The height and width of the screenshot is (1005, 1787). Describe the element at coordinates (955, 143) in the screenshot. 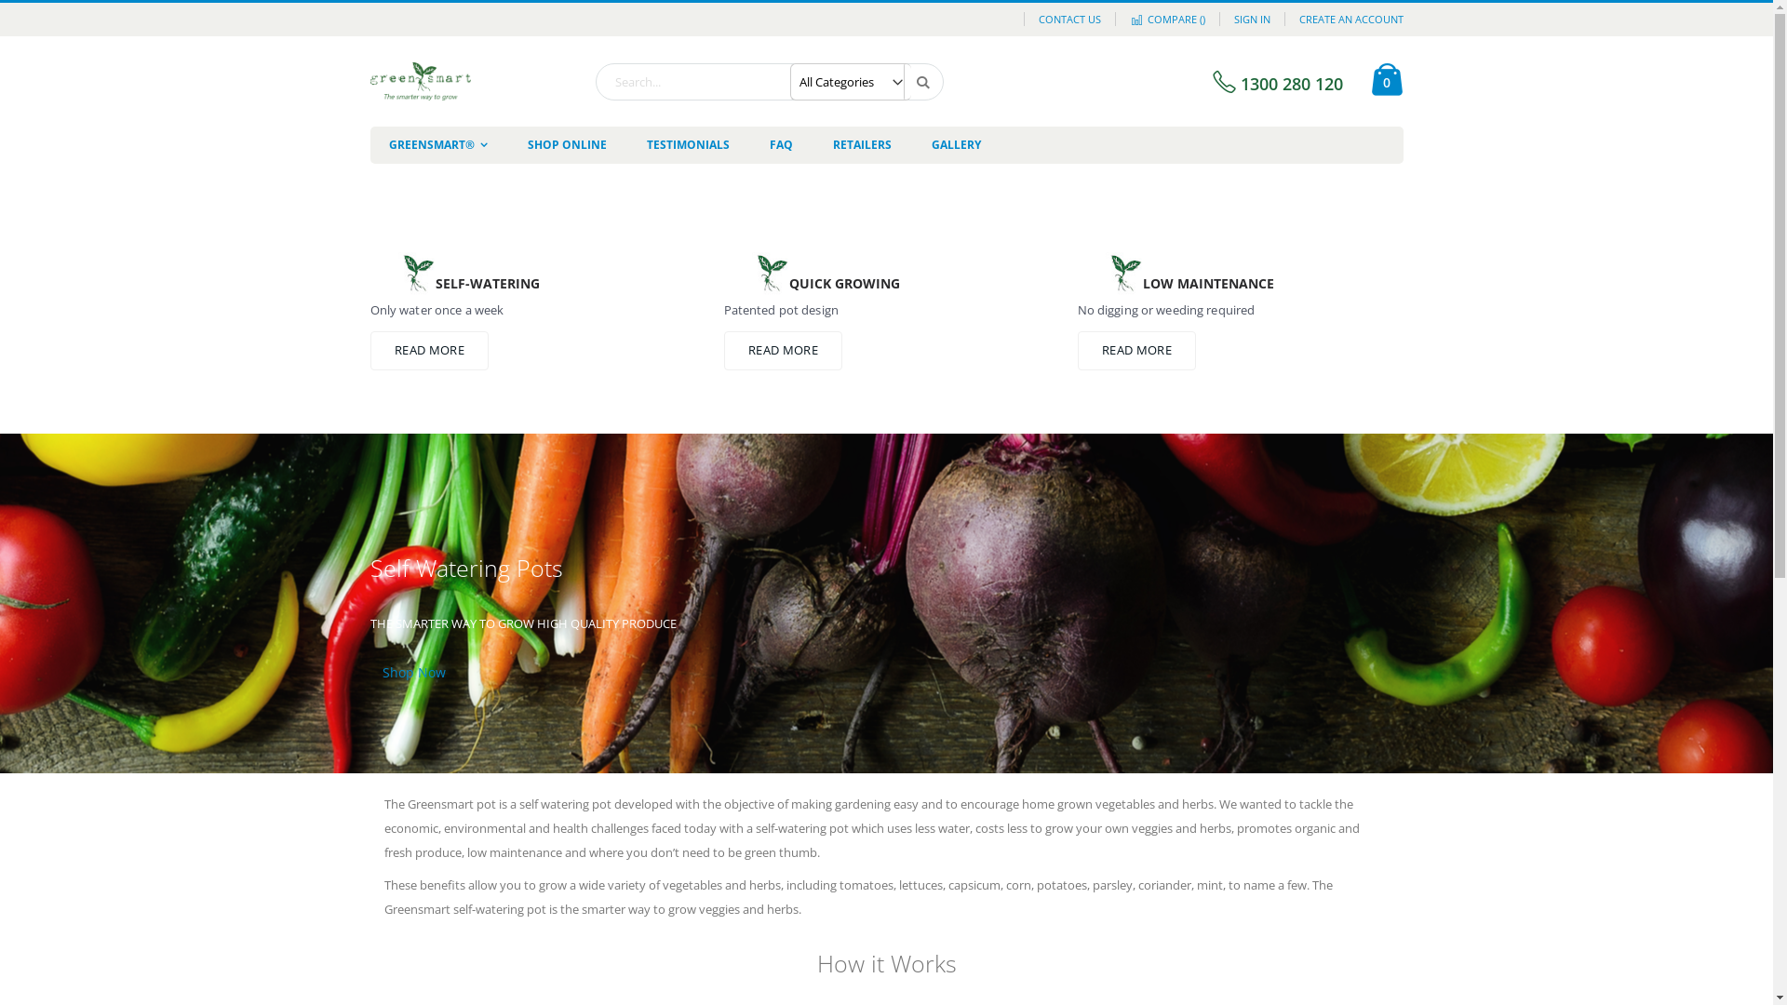

I see `'GALLERY'` at that location.